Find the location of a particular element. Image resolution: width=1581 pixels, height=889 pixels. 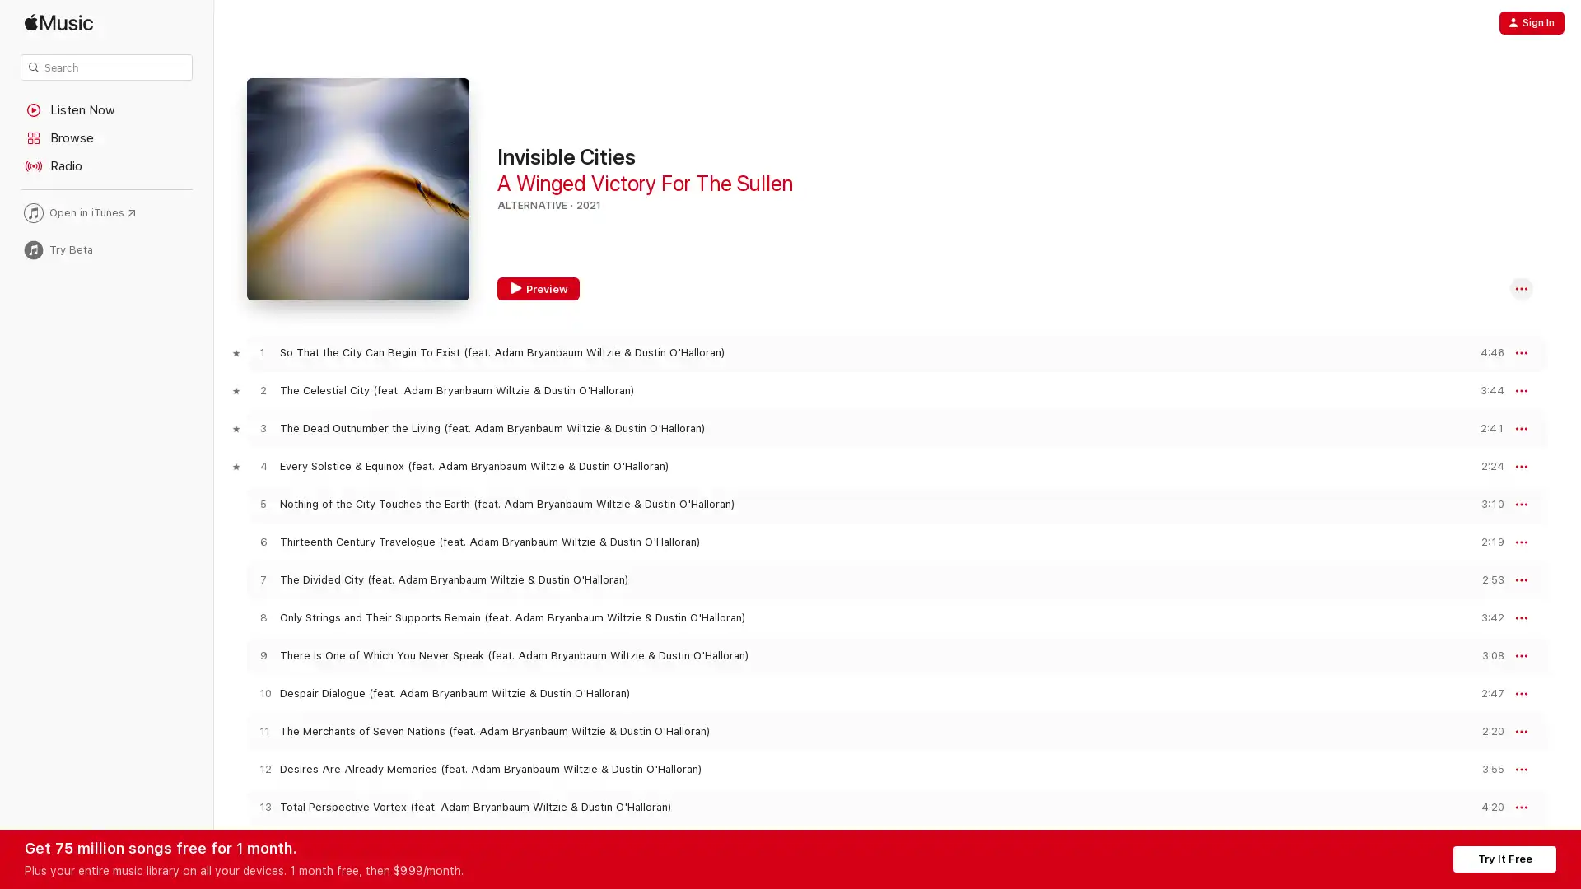

Preview is located at coordinates (538, 288).